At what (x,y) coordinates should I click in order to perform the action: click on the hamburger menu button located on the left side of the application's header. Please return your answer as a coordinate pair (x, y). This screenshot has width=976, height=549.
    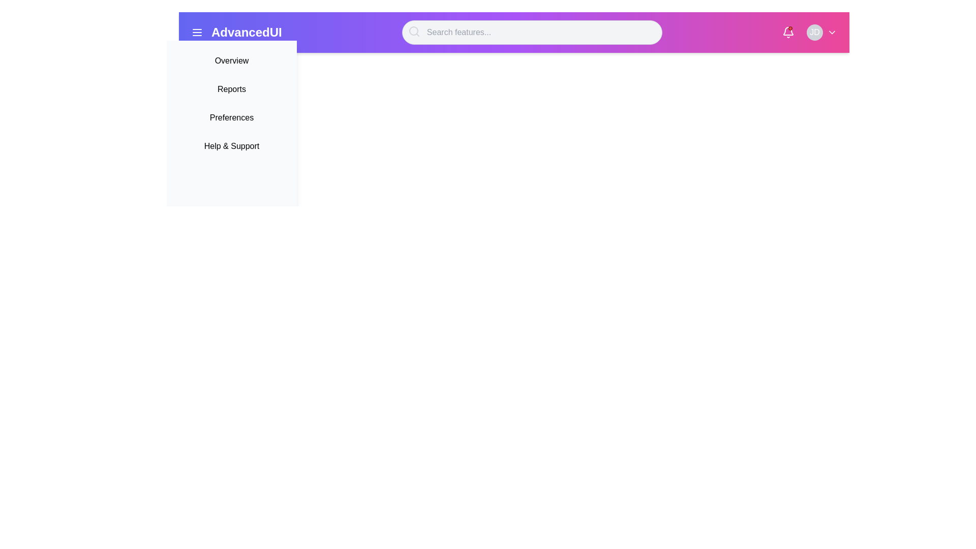
    Looking at the image, I should click on (197, 32).